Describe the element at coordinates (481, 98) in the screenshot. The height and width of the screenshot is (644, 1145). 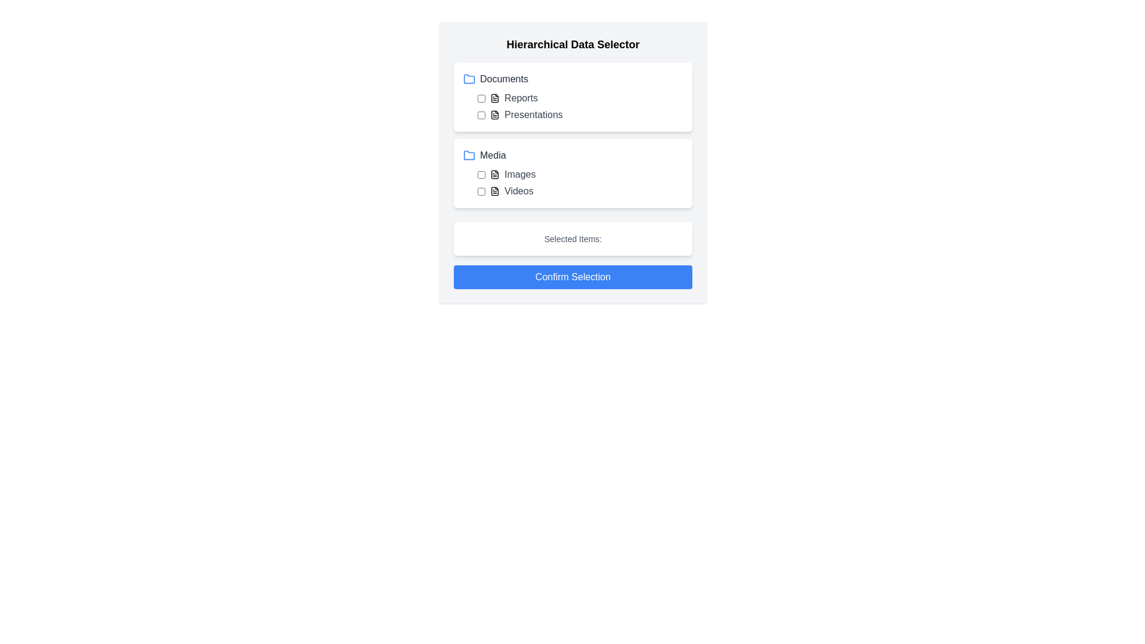
I see `the small square checkbox located to the left of the 'Reports' label in the hierarchical selector interface` at that location.